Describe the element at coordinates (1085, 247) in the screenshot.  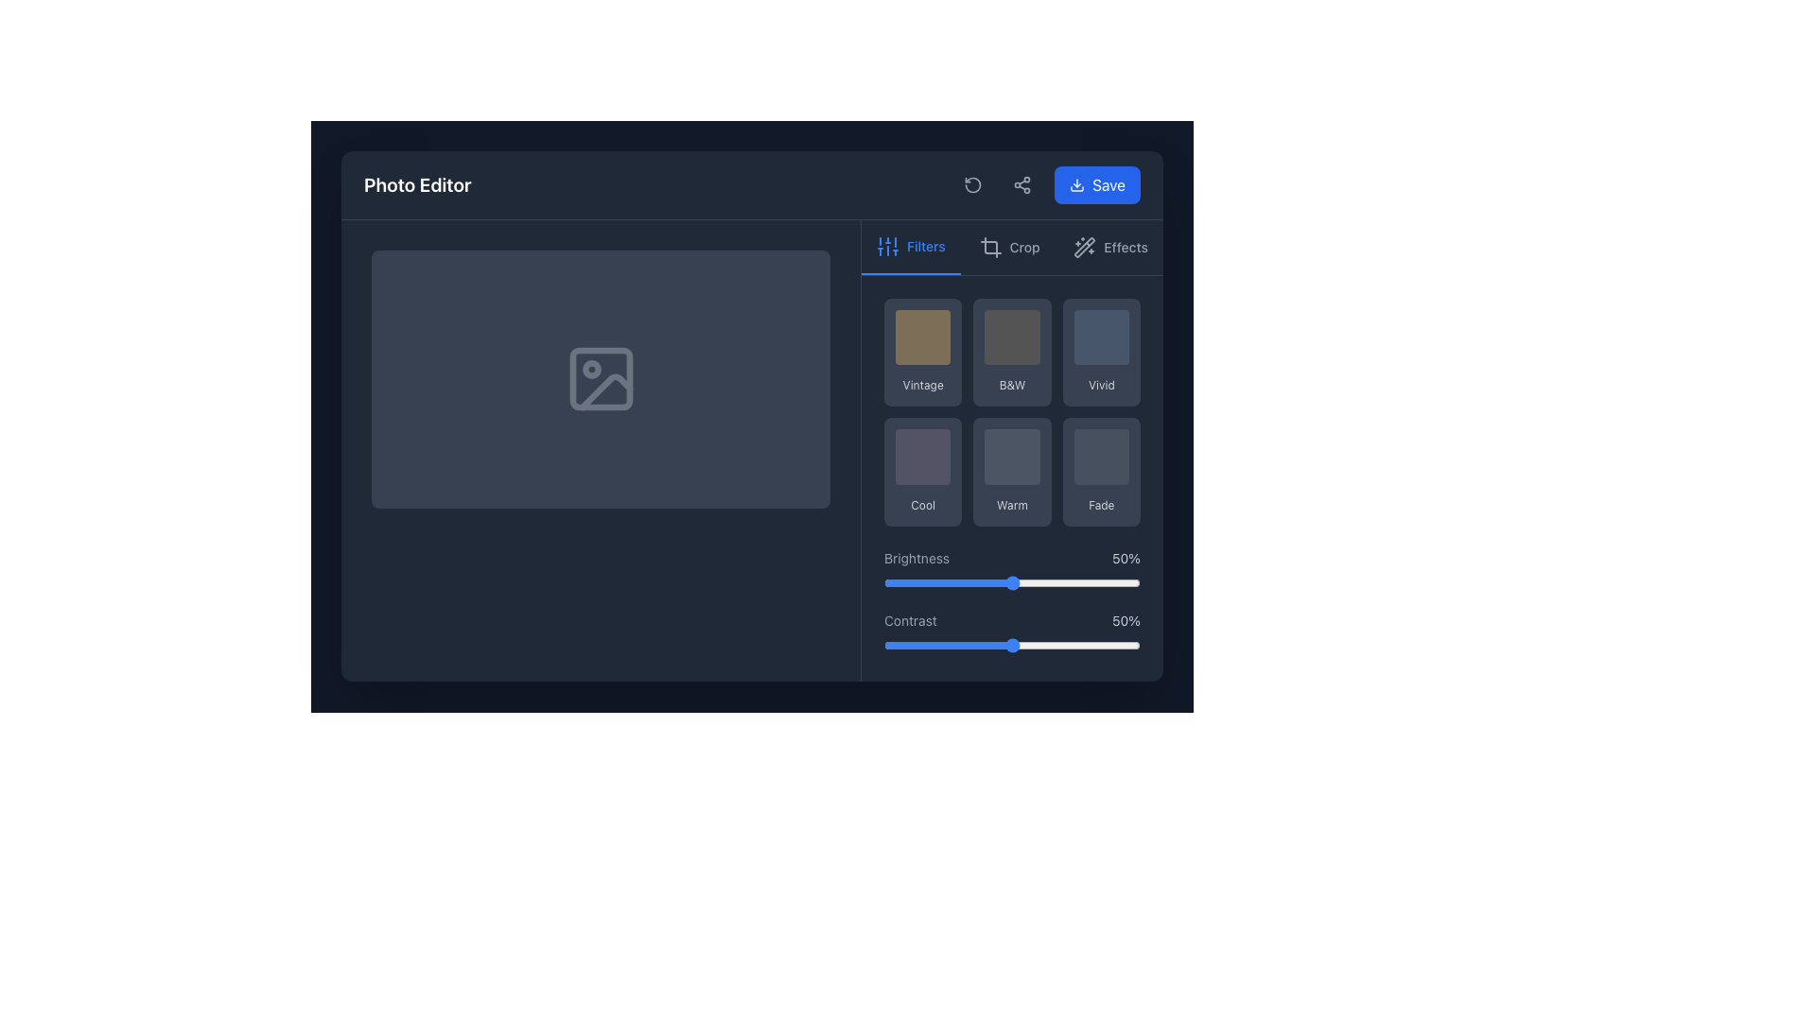
I see `the special effects icon located in the 'Effects' tab group of the top navigation panel for keyboard navigation` at that location.